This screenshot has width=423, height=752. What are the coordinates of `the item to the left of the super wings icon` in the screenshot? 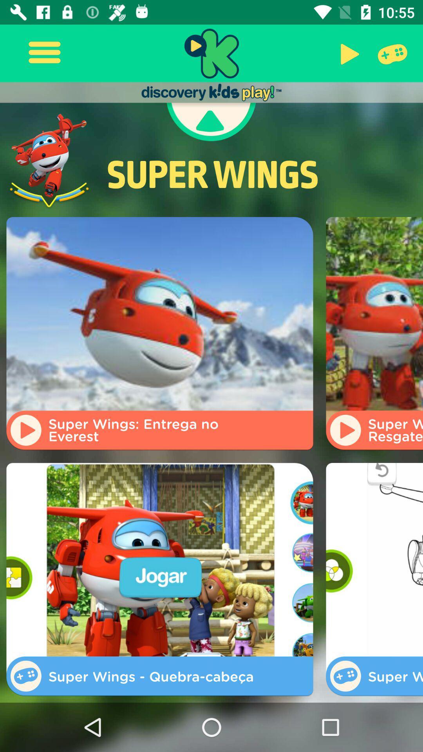 It's located at (49, 161).